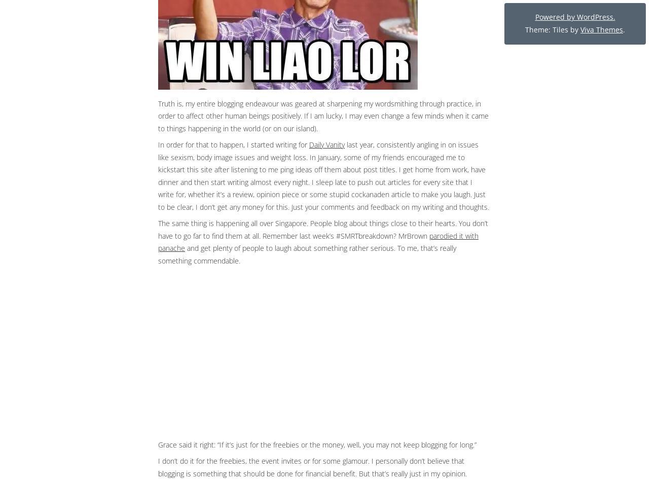 The image size is (659, 483). I want to click on 'last year, consistently angling in on issues like sexism, body image issues and weight loss. In January, some of my friends encouraged me to kickstart this site after listening to me ping ideas off them about post titles. I get home from work, have dinner and then start writing almost every night. I sleep late to push out articles for every site that I write for, whether it’s a review, opinion piece or some stupid cockanaden article to make you laugh. Just to be clear, I don’t get any money for this. Just your comments and feedback on my writing and thoughts.', so click(158, 175).